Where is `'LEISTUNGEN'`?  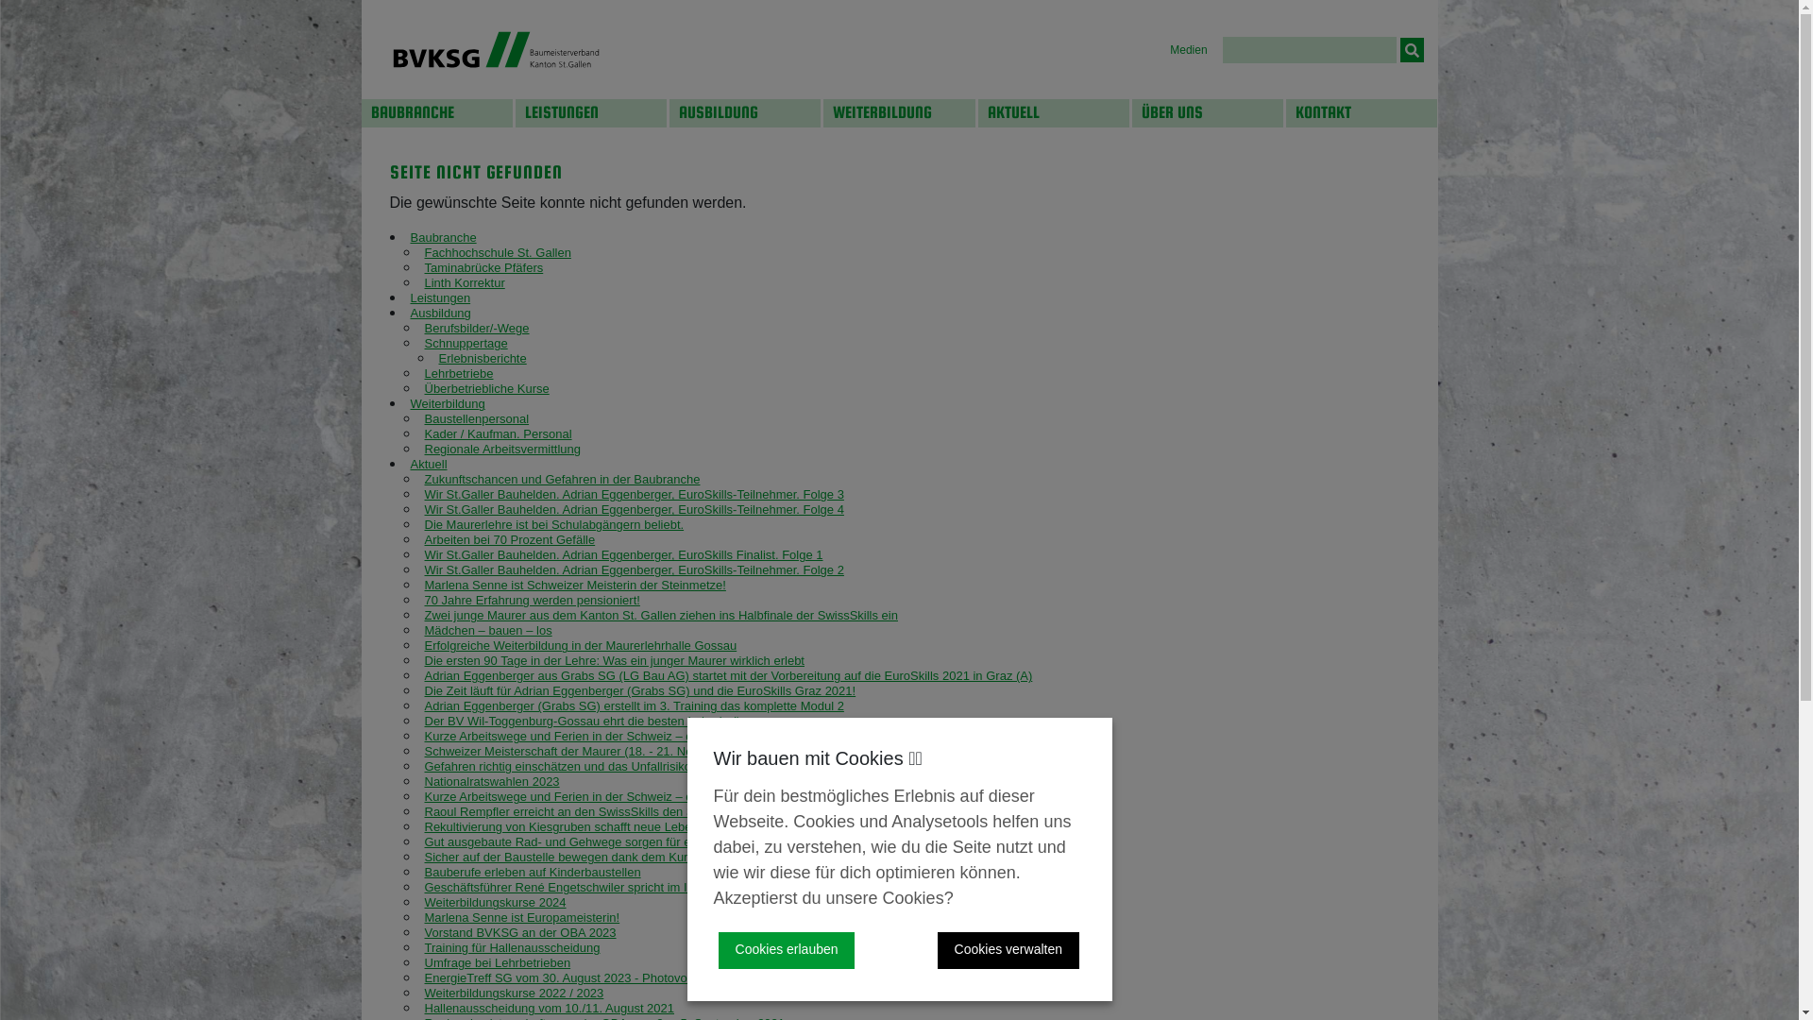
'LEISTUNGEN' is located at coordinates (589, 112).